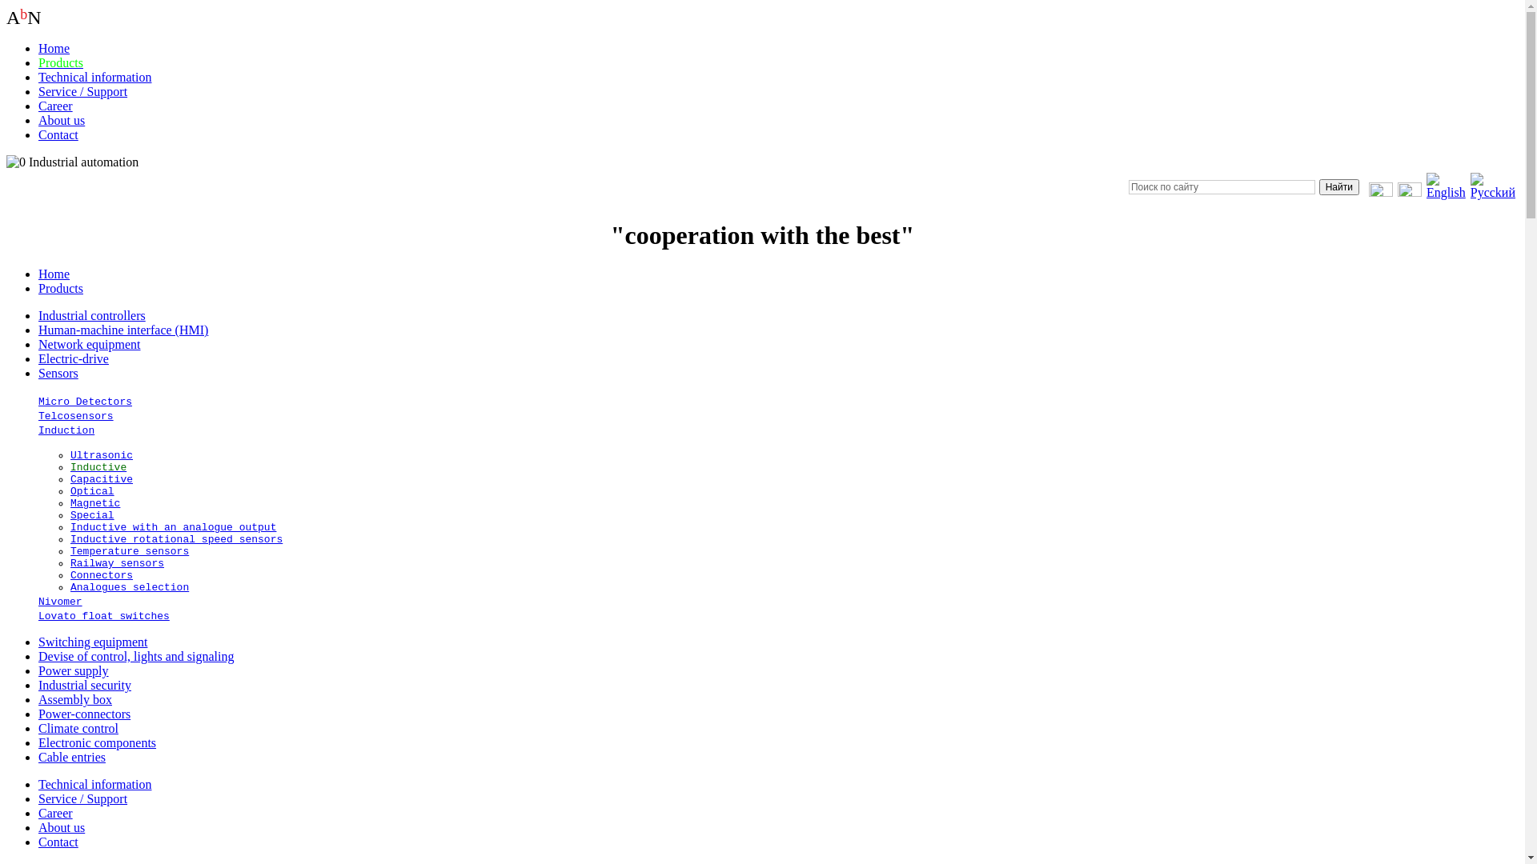 This screenshot has width=1537, height=864. I want to click on 'Service / Support', so click(82, 91).